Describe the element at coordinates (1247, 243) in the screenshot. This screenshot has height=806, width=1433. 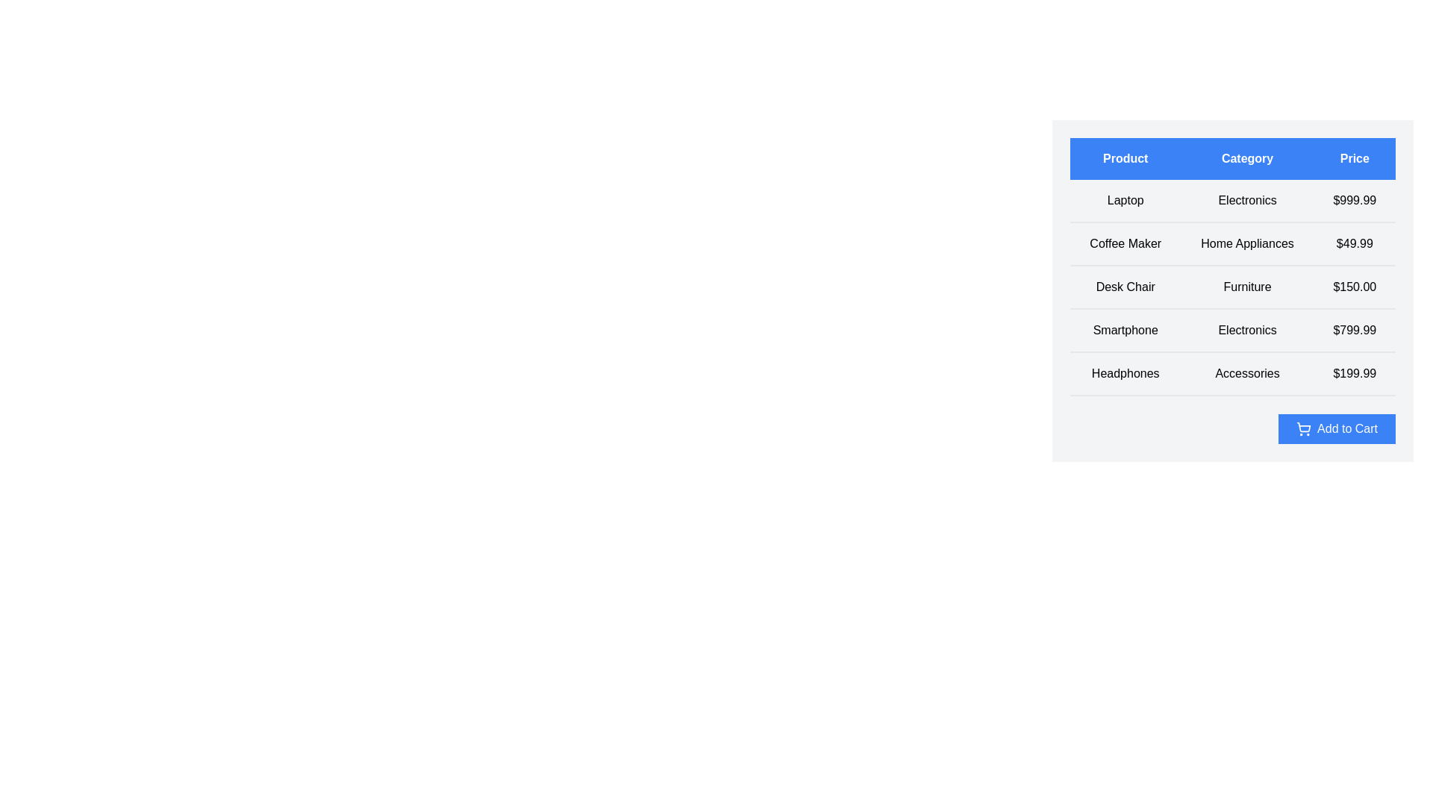
I see `the Text label indicating the product category located in the second row, second column under the 'Category' header` at that location.